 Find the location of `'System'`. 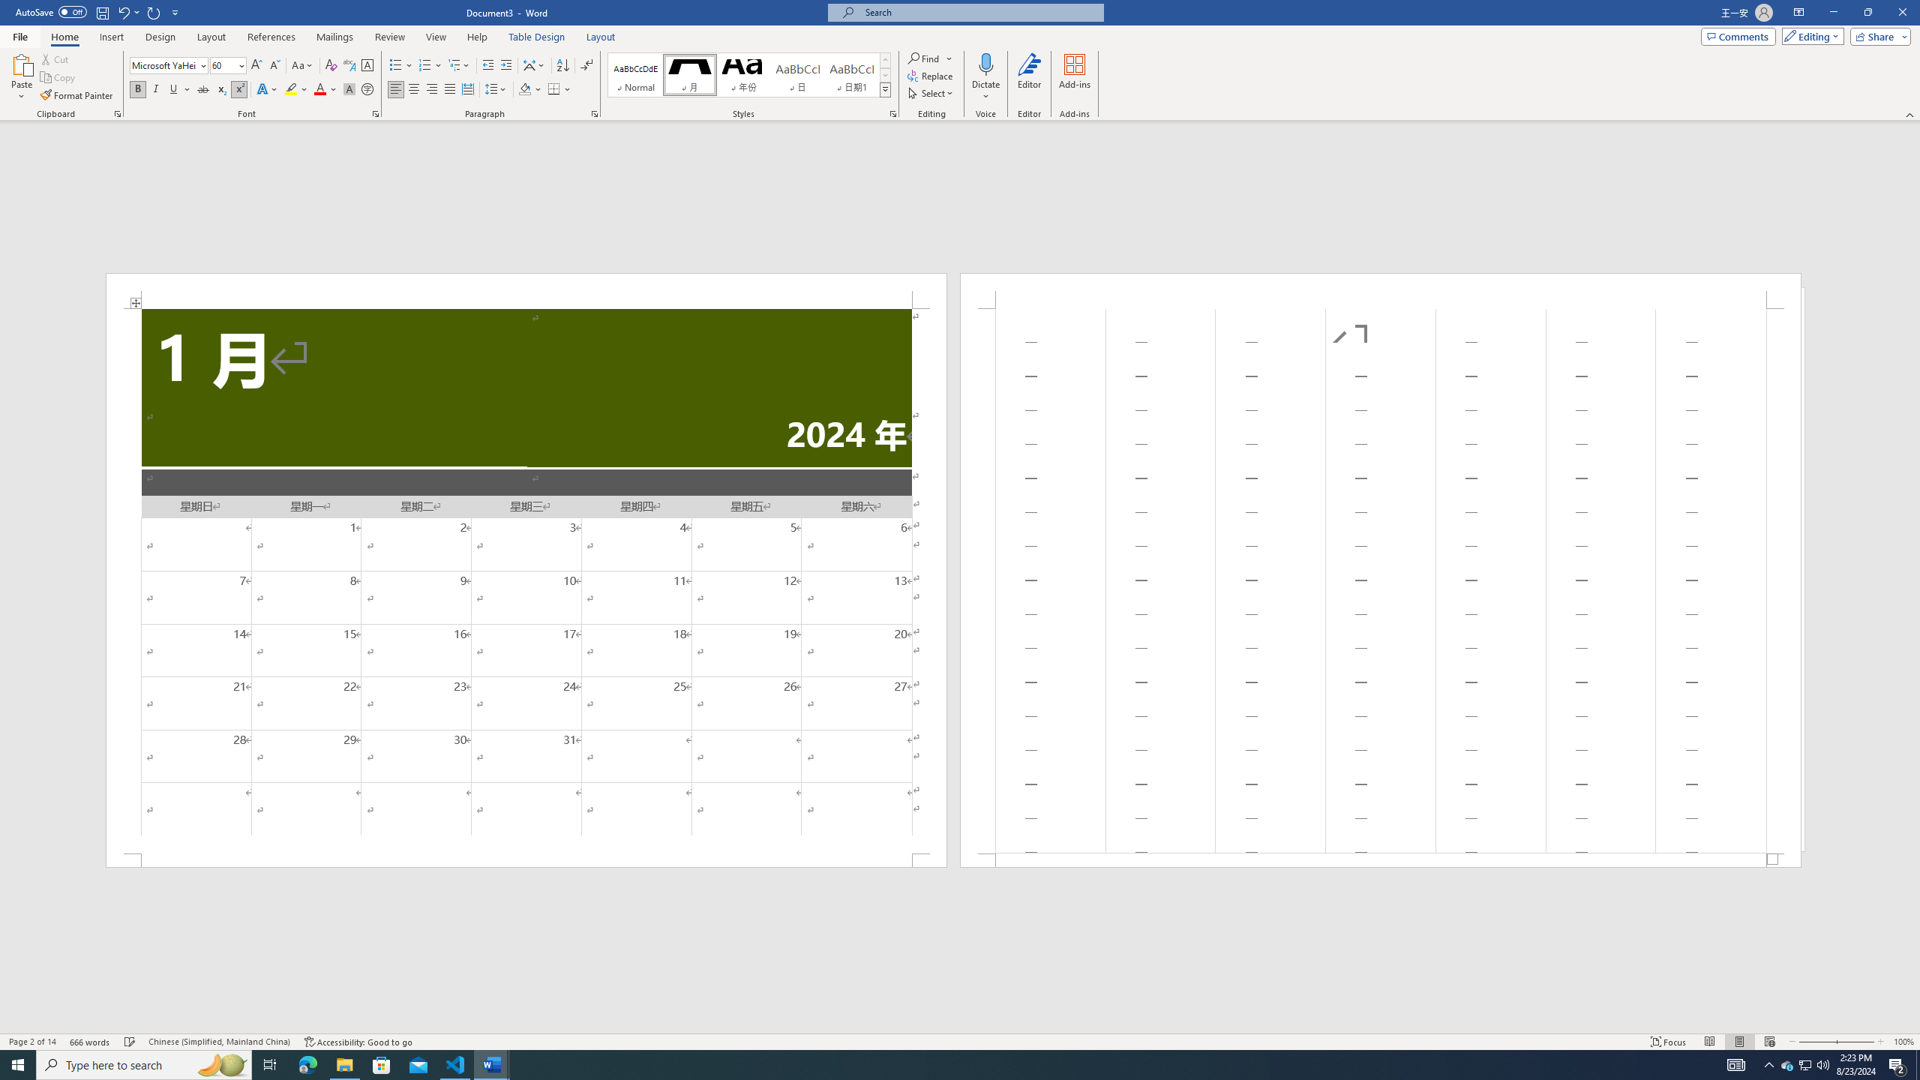

'System' is located at coordinates (8, 7).